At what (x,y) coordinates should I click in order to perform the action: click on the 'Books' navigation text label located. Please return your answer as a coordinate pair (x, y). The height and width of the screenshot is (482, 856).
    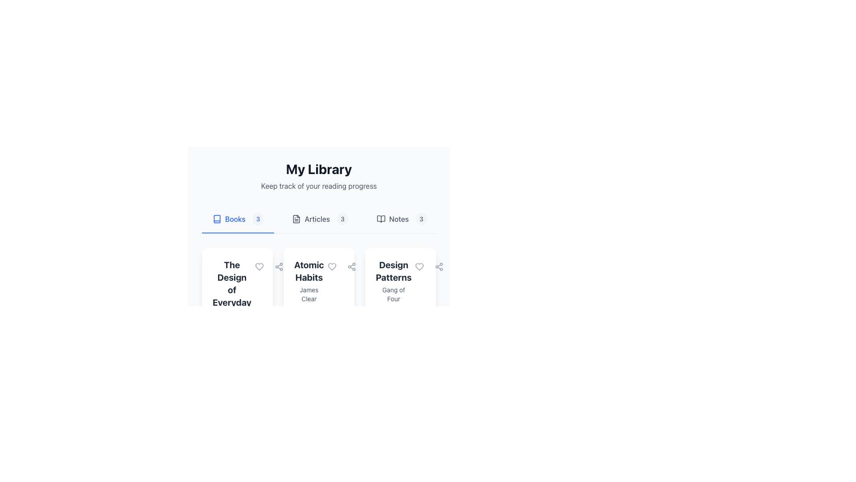
    Looking at the image, I should click on (235, 219).